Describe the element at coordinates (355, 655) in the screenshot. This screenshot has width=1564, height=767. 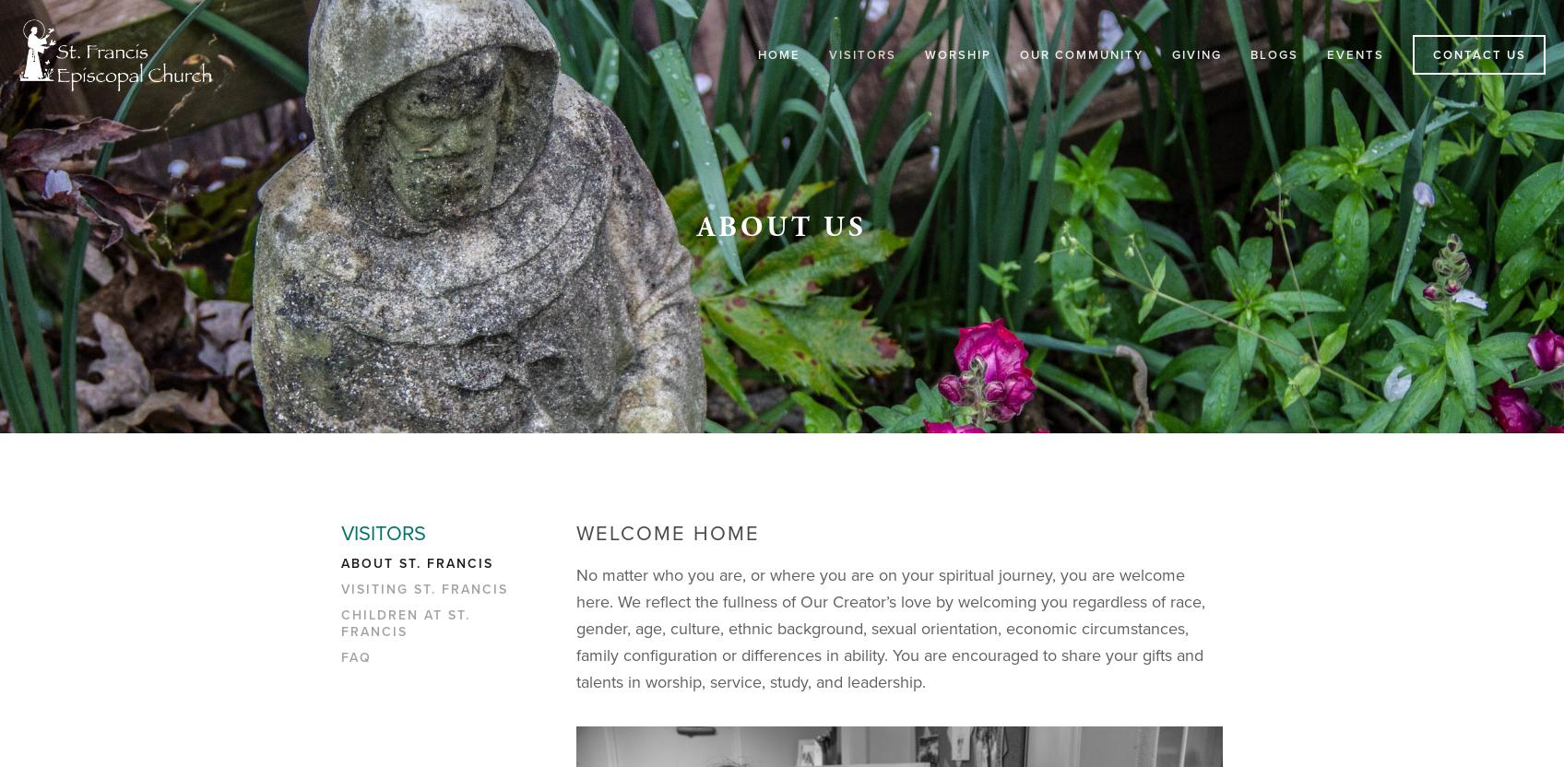
I see `'FAQ'` at that location.